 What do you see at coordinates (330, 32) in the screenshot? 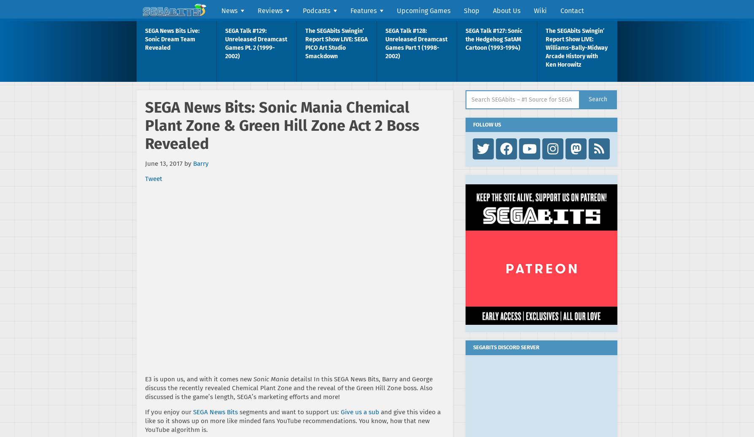
I see `'SEGA Talk Podcast'` at bounding box center [330, 32].